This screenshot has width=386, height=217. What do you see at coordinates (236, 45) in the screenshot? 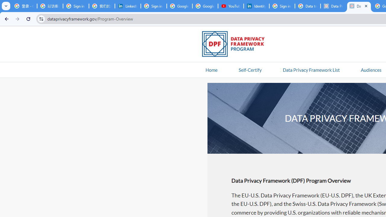
I see `'Data Privacy Framework Logo - Link to Homepage'` at bounding box center [236, 45].